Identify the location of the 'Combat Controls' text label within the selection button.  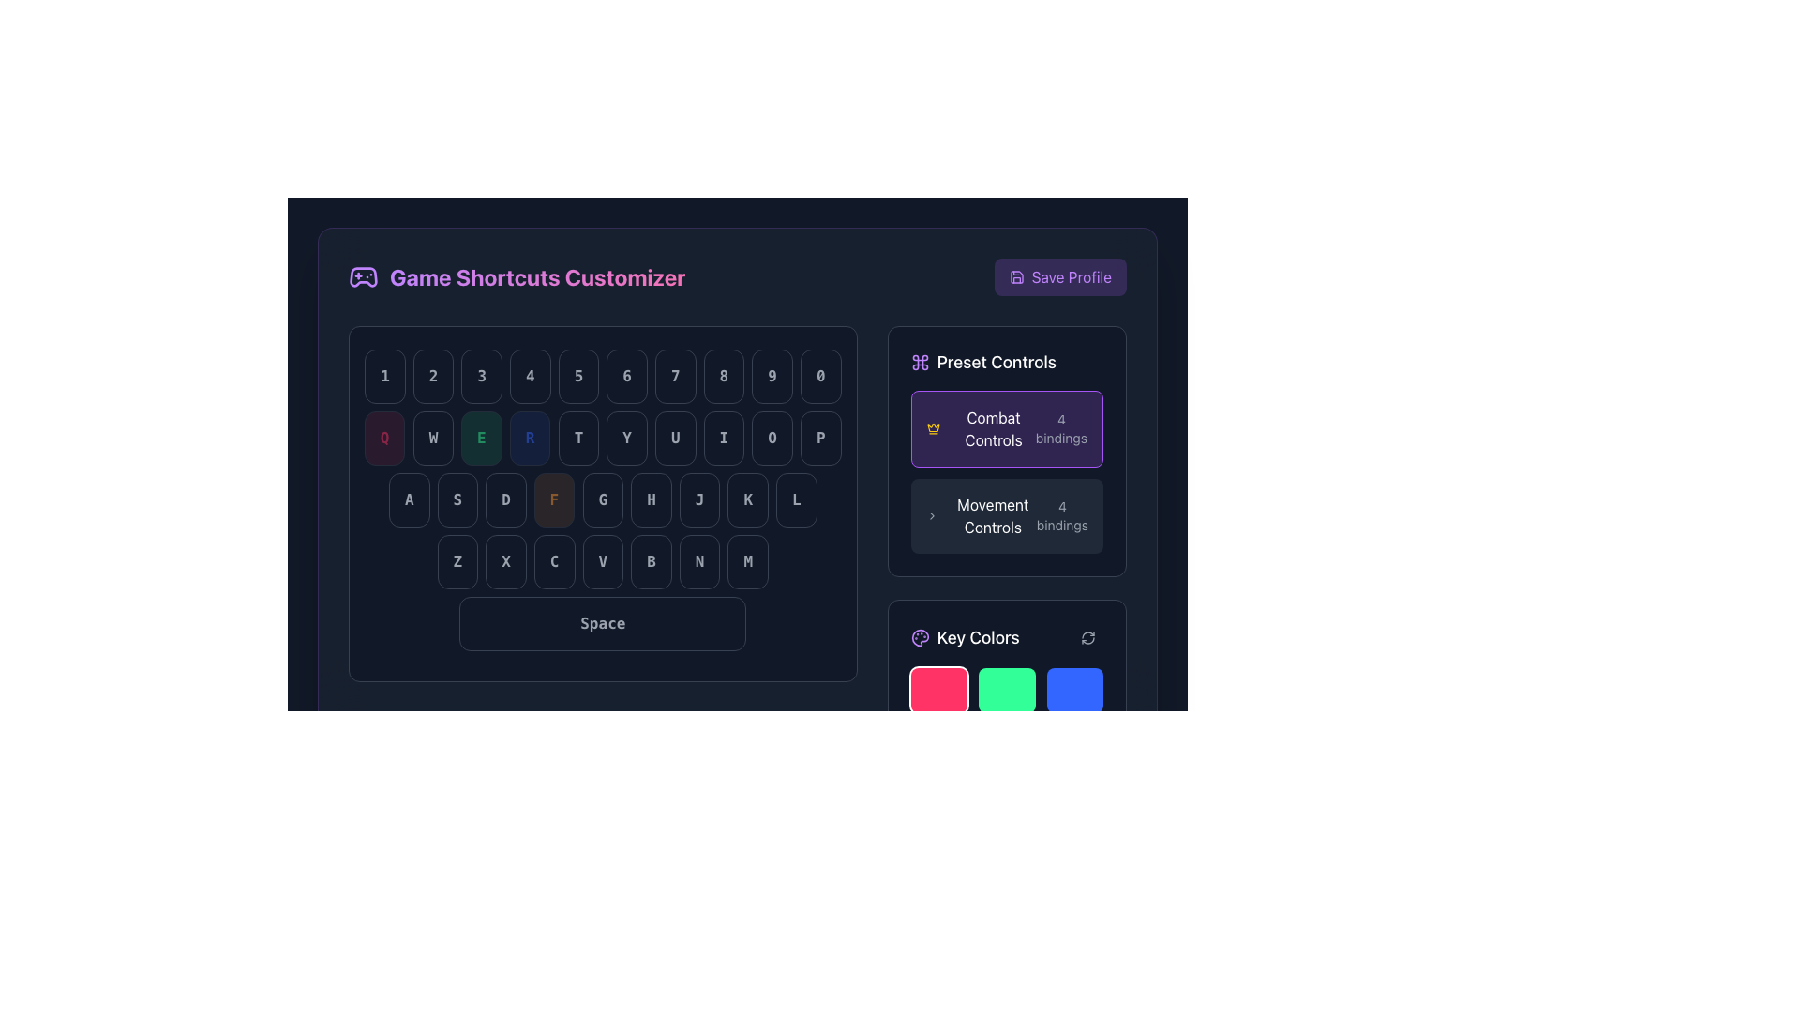
(993, 429).